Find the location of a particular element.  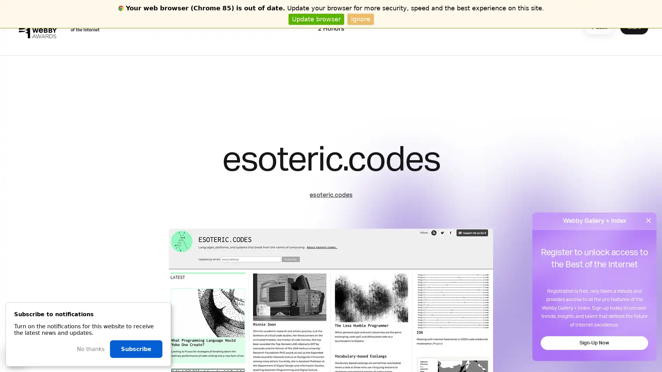

Share is located at coordinates (634, 27).